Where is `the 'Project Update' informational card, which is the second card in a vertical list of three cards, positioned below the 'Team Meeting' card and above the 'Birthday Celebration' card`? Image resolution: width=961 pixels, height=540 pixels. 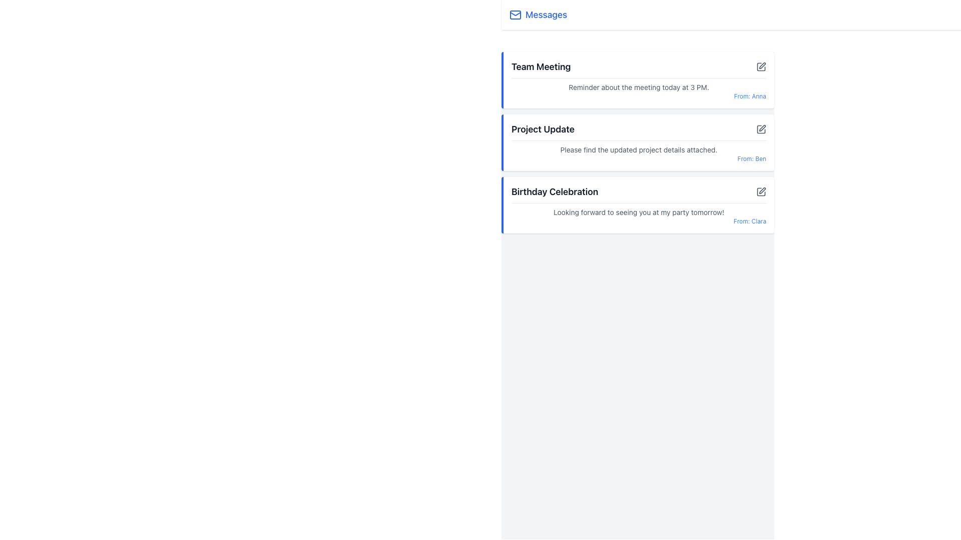
the 'Project Update' informational card, which is the second card in a vertical list of three cards, positioned below the 'Team Meeting' card and above the 'Birthday Celebration' card is located at coordinates (637, 142).